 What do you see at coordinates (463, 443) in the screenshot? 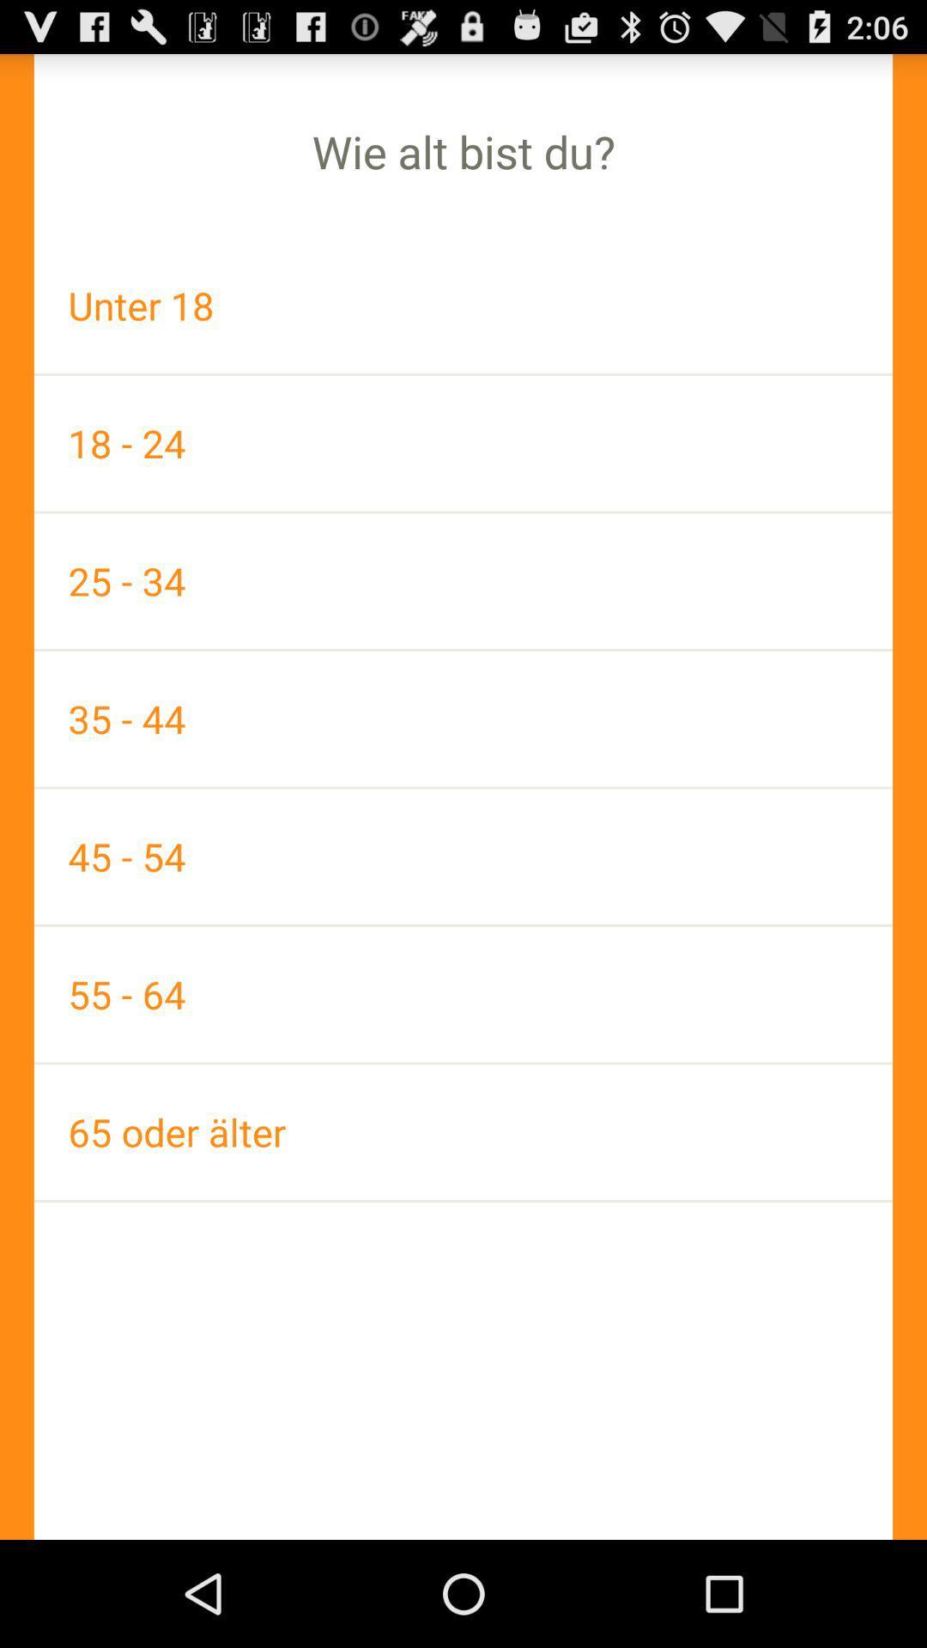
I see `18 - 24 item` at bounding box center [463, 443].